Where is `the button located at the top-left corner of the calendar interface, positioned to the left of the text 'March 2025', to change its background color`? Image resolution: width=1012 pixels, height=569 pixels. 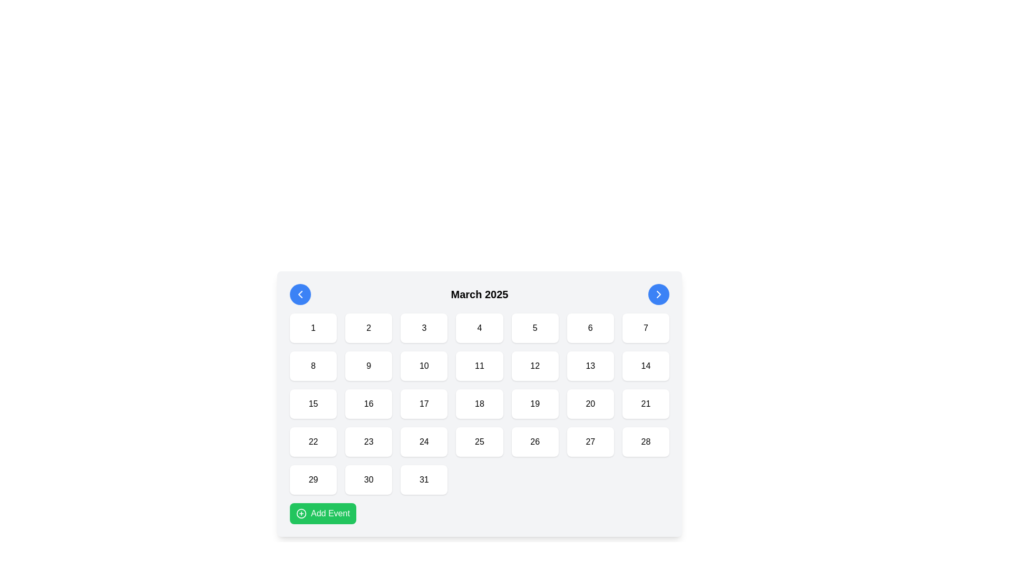 the button located at the top-left corner of the calendar interface, positioned to the left of the text 'March 2025', to change its background color is located at coordinates (300, 295).